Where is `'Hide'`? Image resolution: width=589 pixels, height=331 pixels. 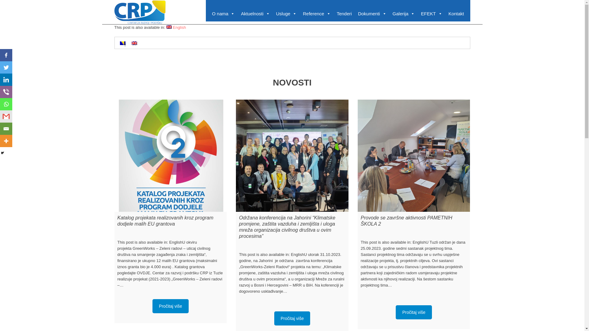
'Hide' is located at coordinates (0, 152).